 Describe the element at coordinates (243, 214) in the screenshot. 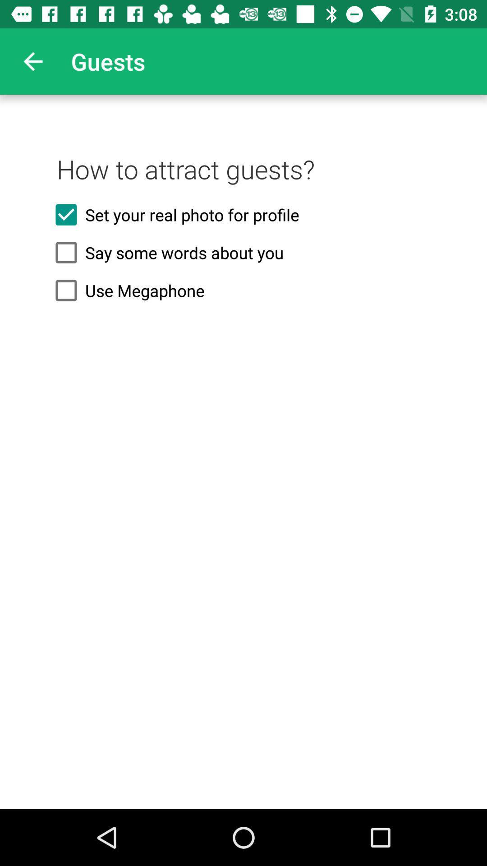

I see `the set your real` at that location.